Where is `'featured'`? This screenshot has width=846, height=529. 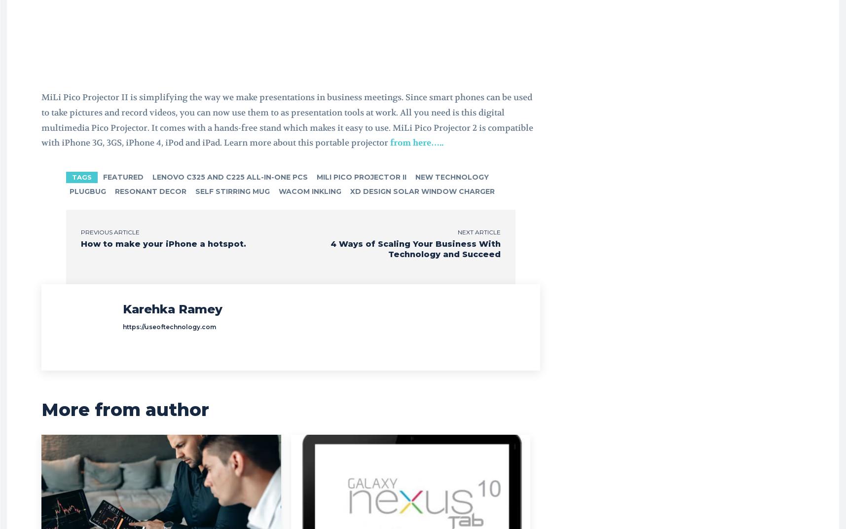
'featured' is located at coordinates (123, 177).